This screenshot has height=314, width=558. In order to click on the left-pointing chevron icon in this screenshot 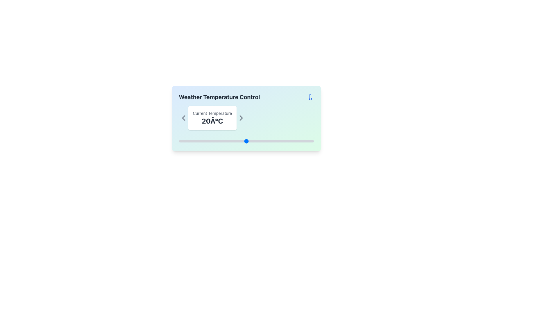, I will do `click(183, 118)`.